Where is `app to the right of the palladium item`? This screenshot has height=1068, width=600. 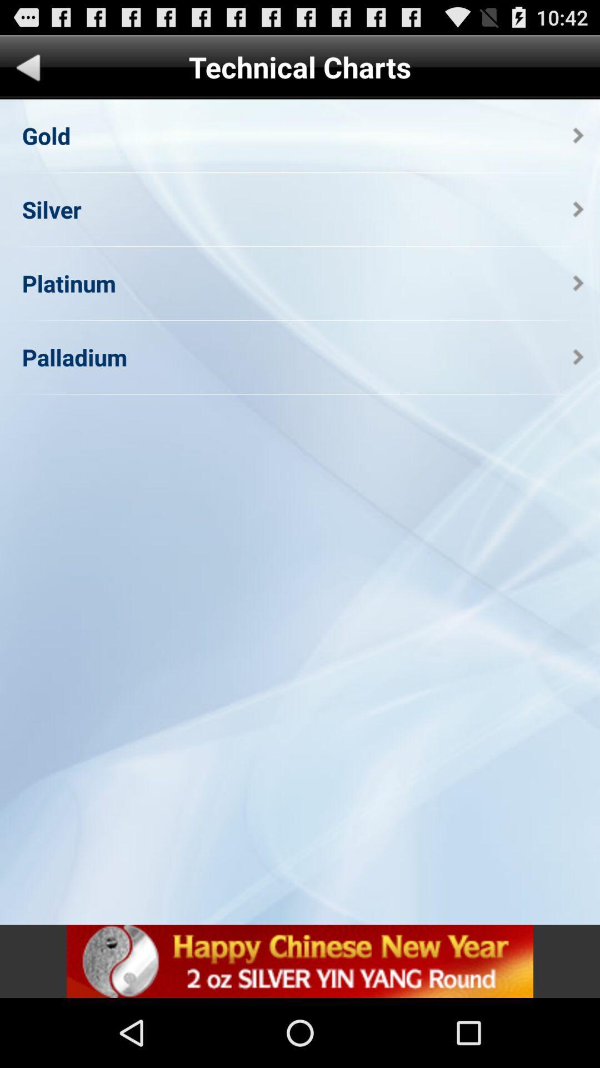
app to the right of the palladium item is located at coordinates (578, 357).